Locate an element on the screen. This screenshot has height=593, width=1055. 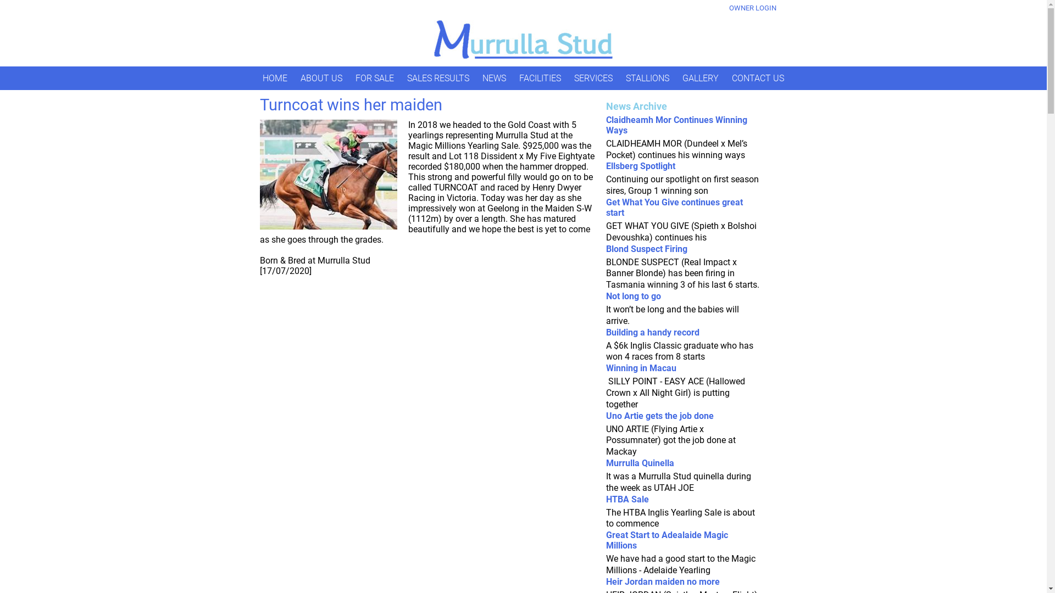
'Great Start to Adealaide Magic Millions' is located at coordinates (666, 539).